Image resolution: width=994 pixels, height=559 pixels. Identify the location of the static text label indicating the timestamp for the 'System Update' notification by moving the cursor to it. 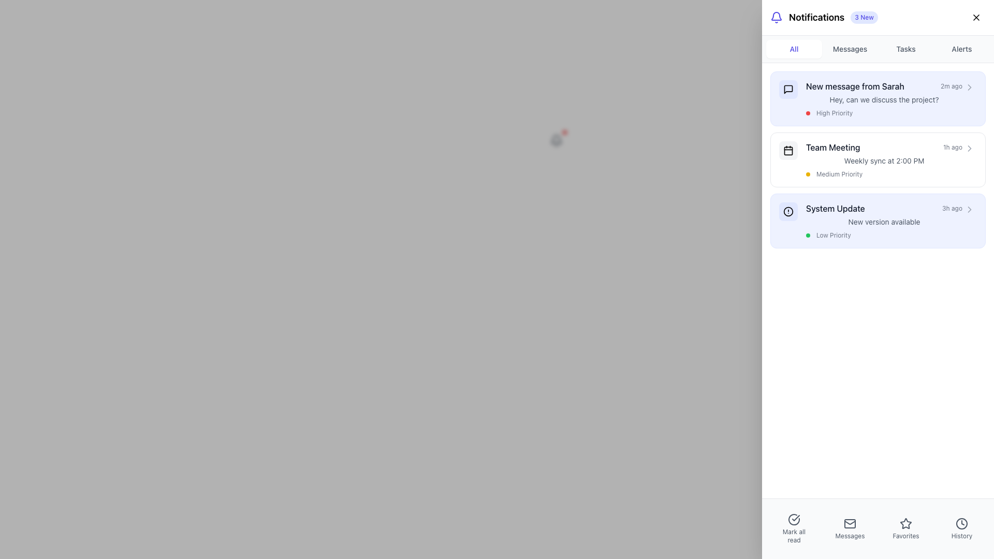
(952, 208).